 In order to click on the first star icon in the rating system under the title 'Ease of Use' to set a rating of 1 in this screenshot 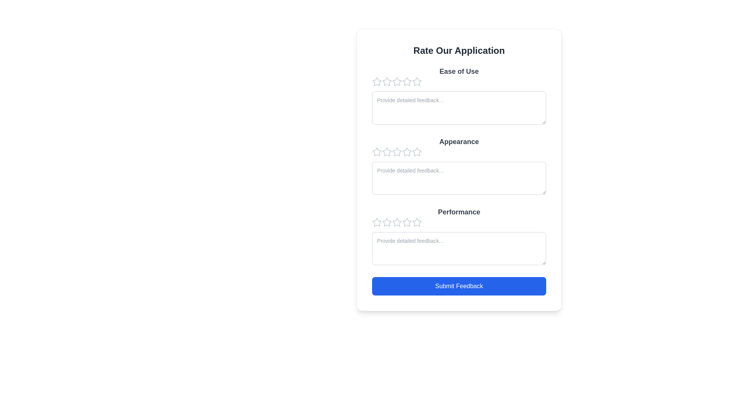, I will do `click(377, 81)`.